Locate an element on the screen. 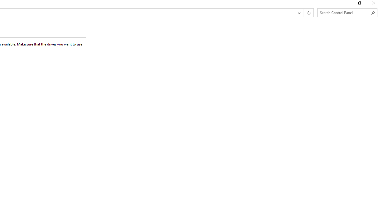 The image size is (381, 214). 'Previous Locations' is located at coordinates (299, 13).